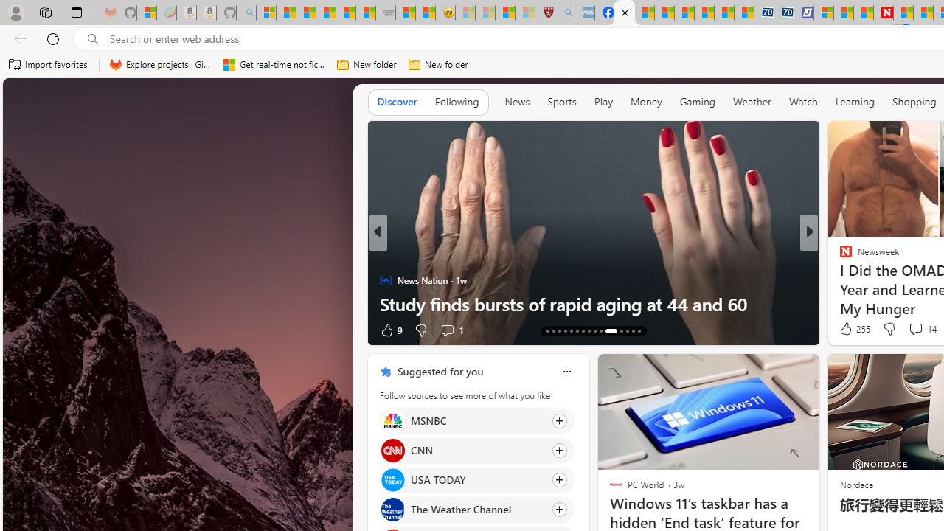 The height and width of the screenshot is (531, 944). Describe the element at coordinates (547, 330) in the screenshot. I see `'AutomationID: tab-66'` at that location.